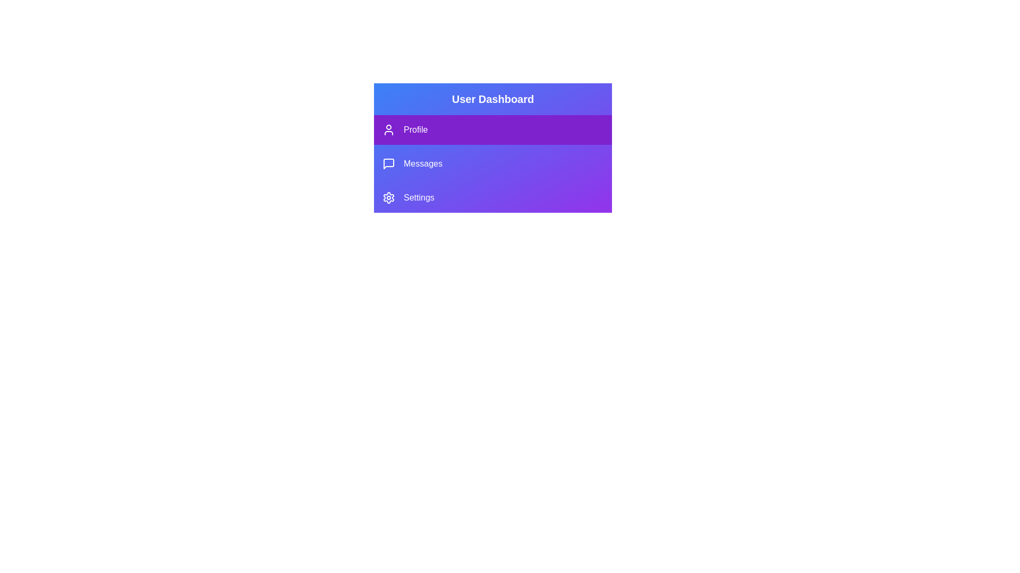  What do you see at coordinates (492, 198) in the screenshot?
I see `the menu item Settings from the ProfileSidebar component` at bounding box center [492, 198].